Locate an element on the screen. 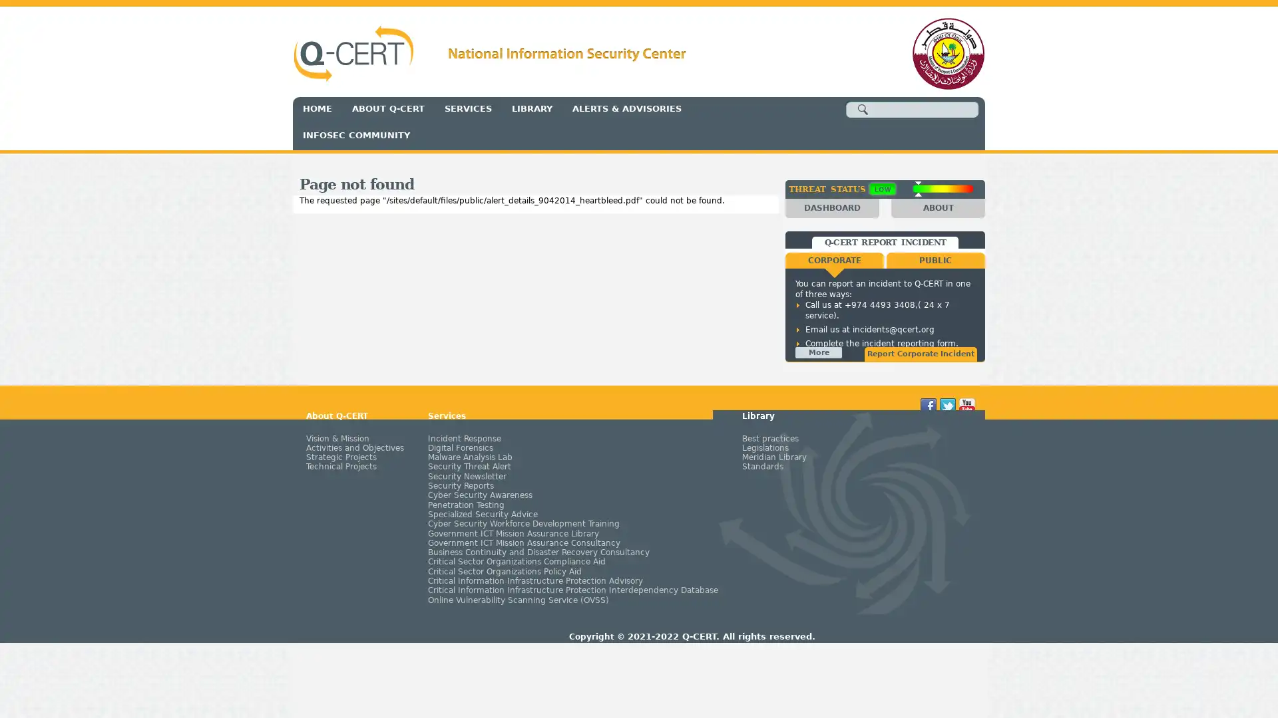 This screenshot has width=1278, height=718. Search is located at coordinates (863, 109).